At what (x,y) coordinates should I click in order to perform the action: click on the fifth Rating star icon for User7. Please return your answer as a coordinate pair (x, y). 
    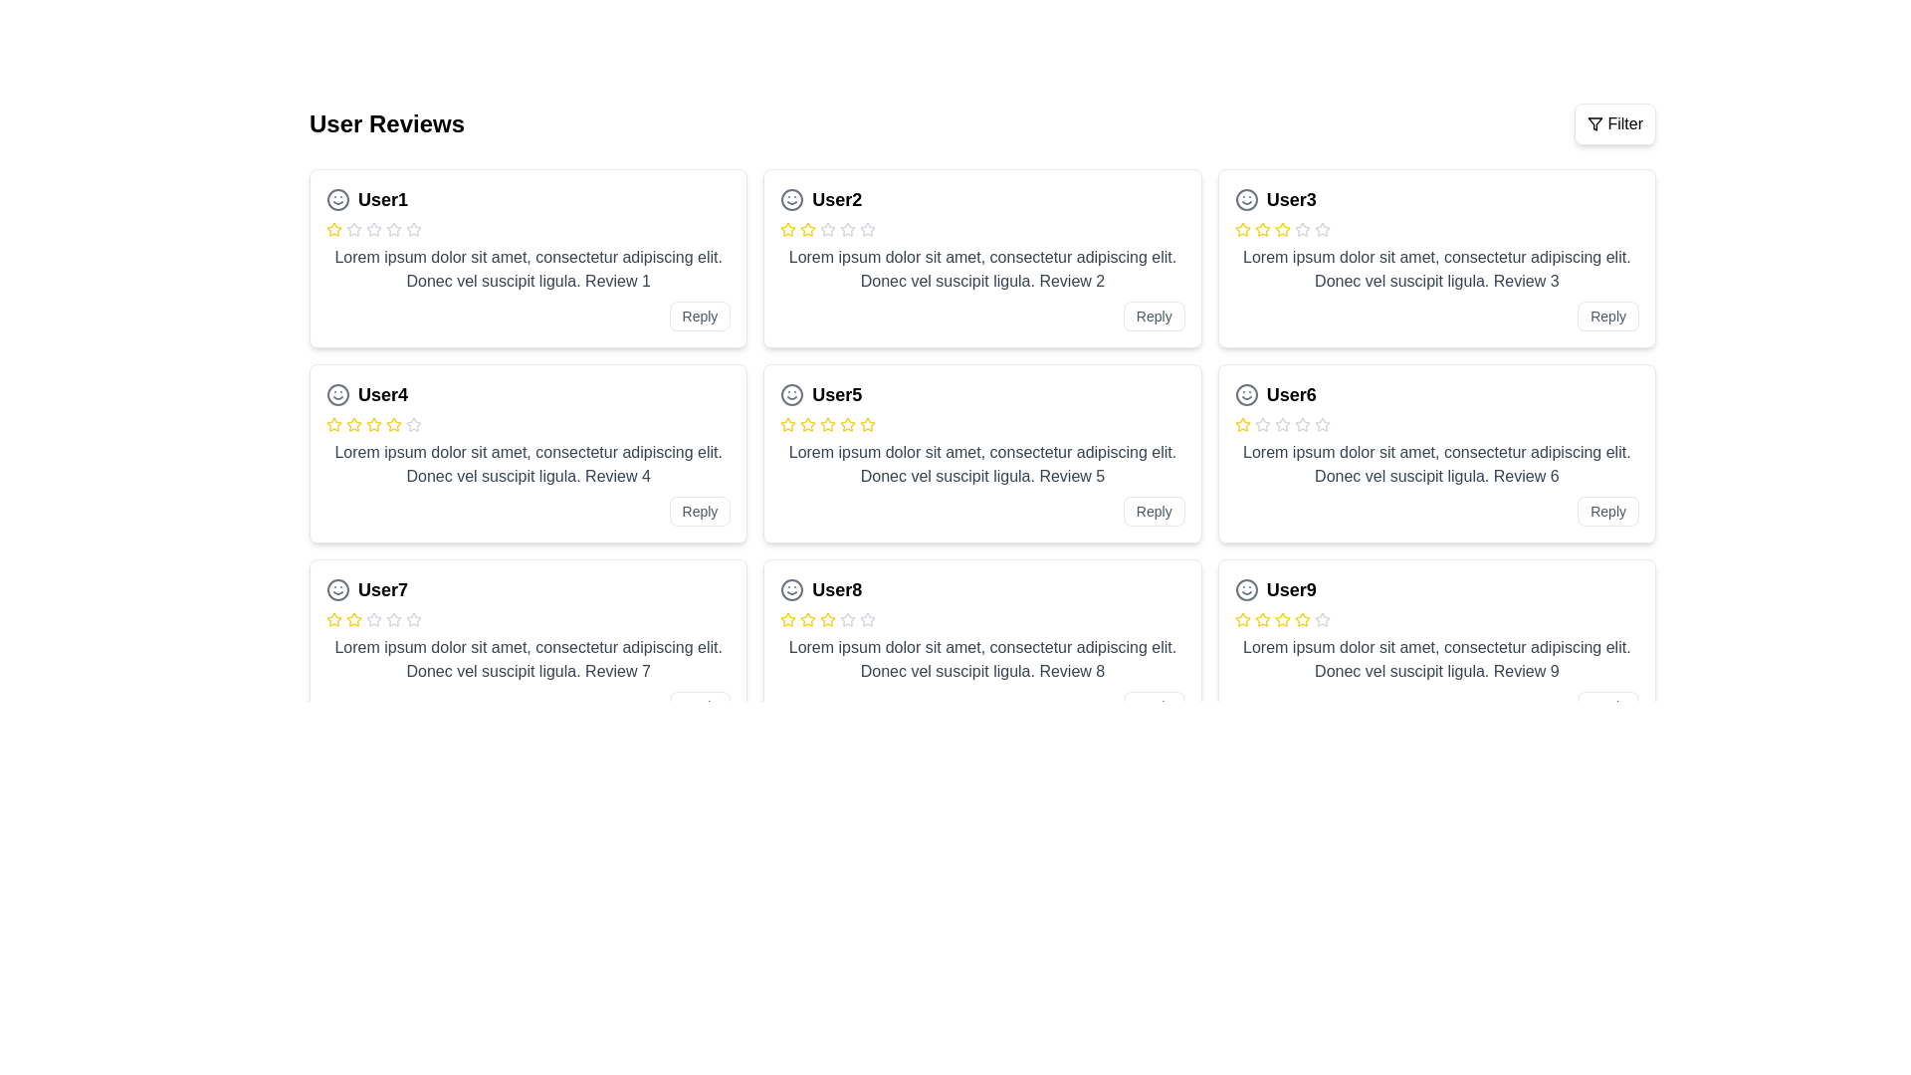
    Looking at the image, I should click on (373, 619).